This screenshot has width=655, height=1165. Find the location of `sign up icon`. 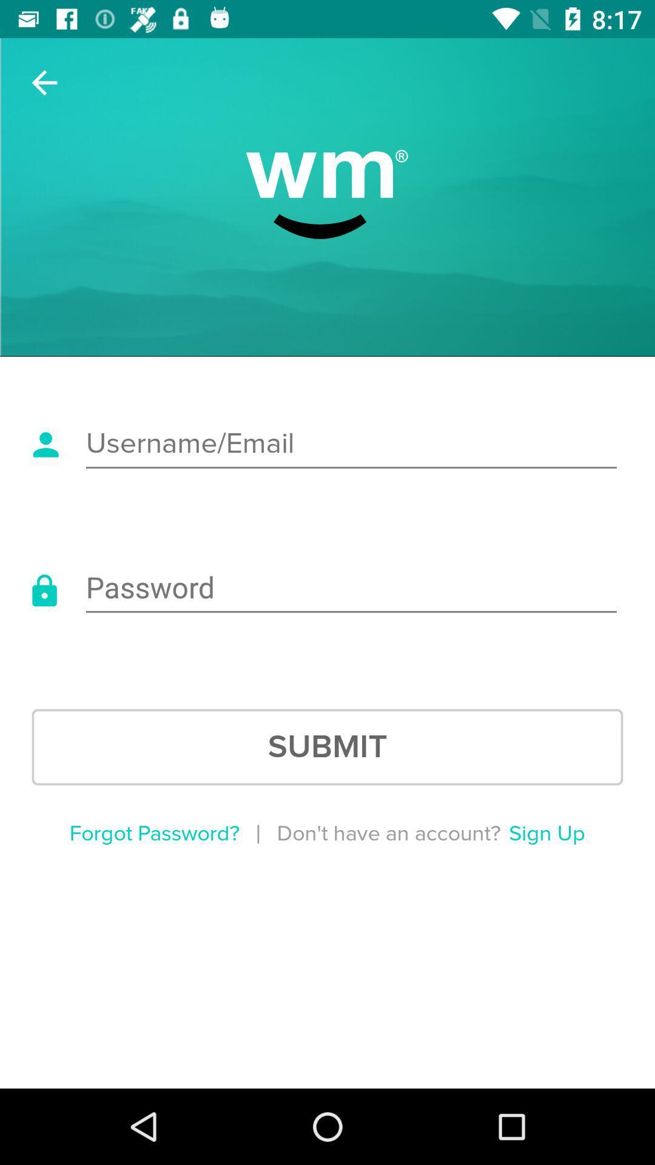

sign up icon is located at coordinates (546, 833).